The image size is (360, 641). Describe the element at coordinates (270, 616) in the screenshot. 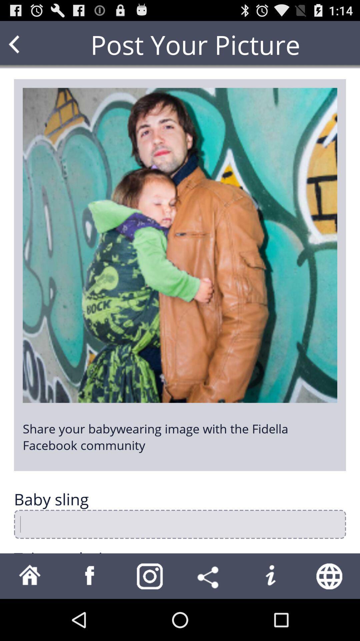

I see `the info icon` at that location.